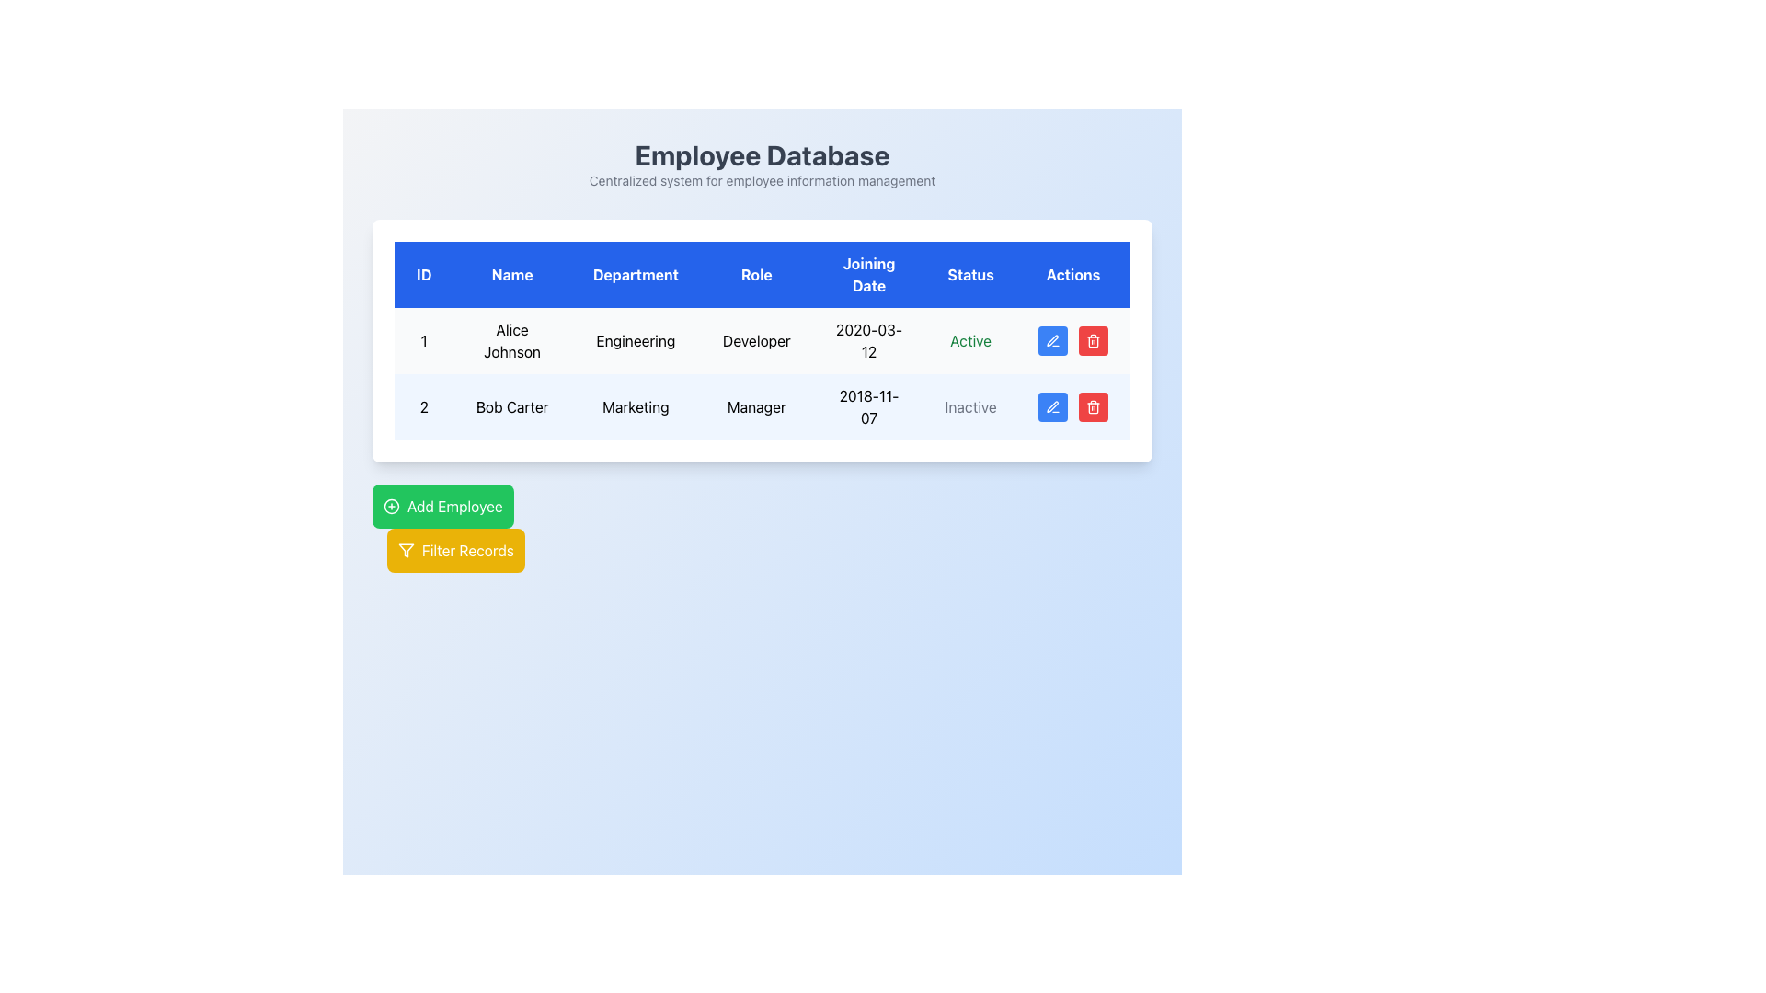 This screenshot has width=1766, height=993. Describe the element at coordinates (1072, 275) in the screenshot. I see `the blue rectangular Text Label element containing the text 'Actions' in white font, which is the last column header in the table, located at the top-right corner of the visible area` at that location.